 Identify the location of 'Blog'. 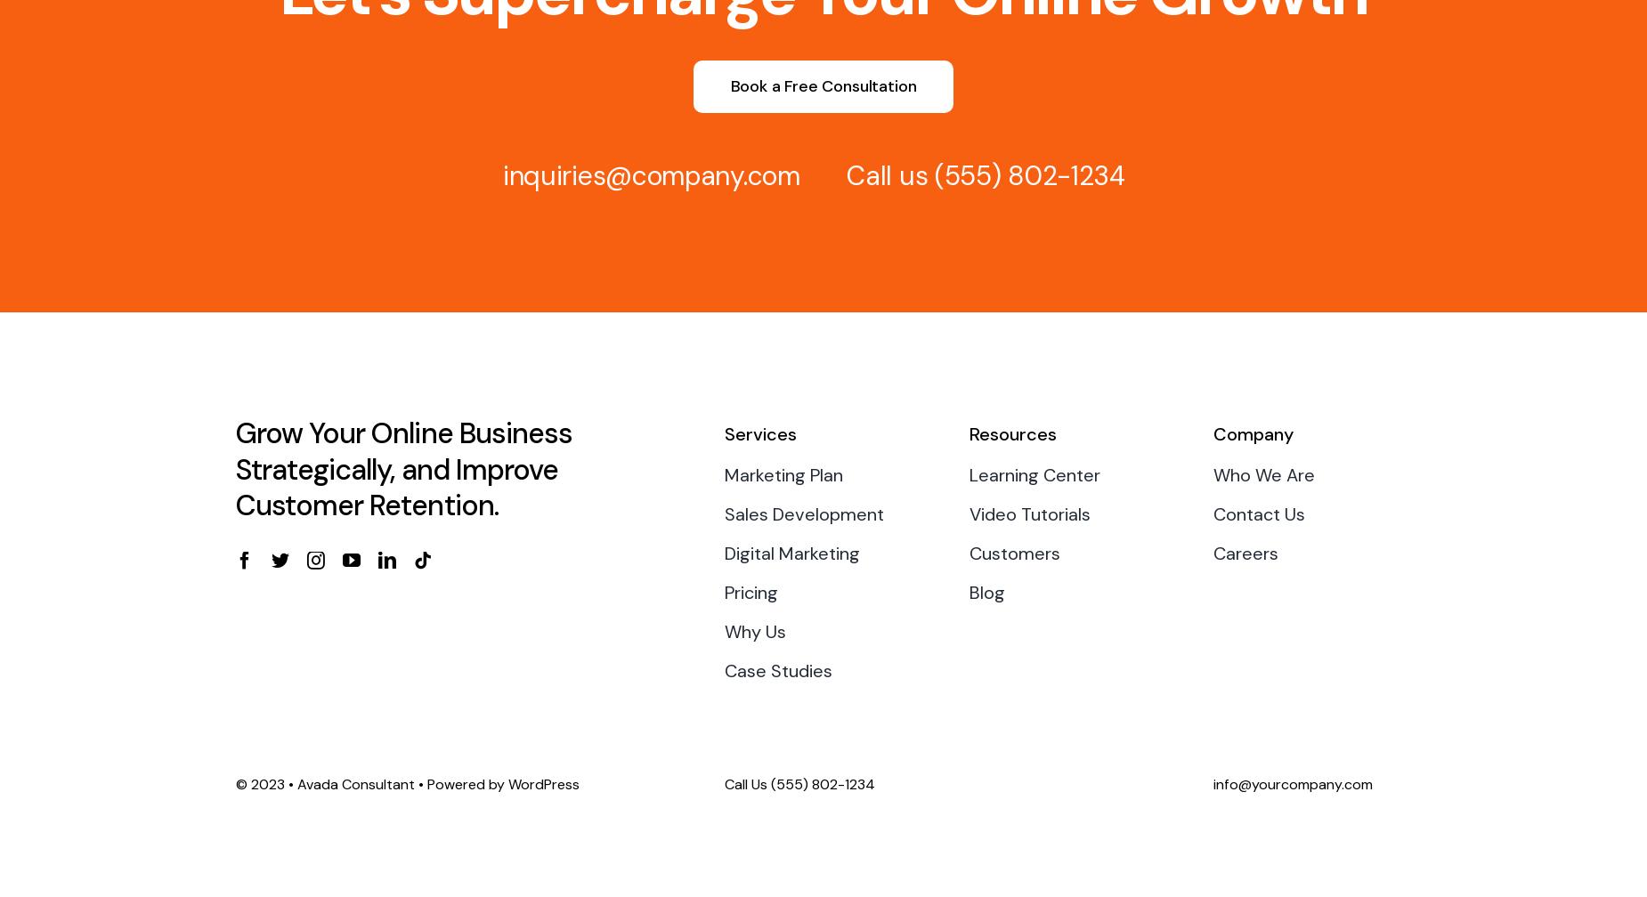
(985, 592).